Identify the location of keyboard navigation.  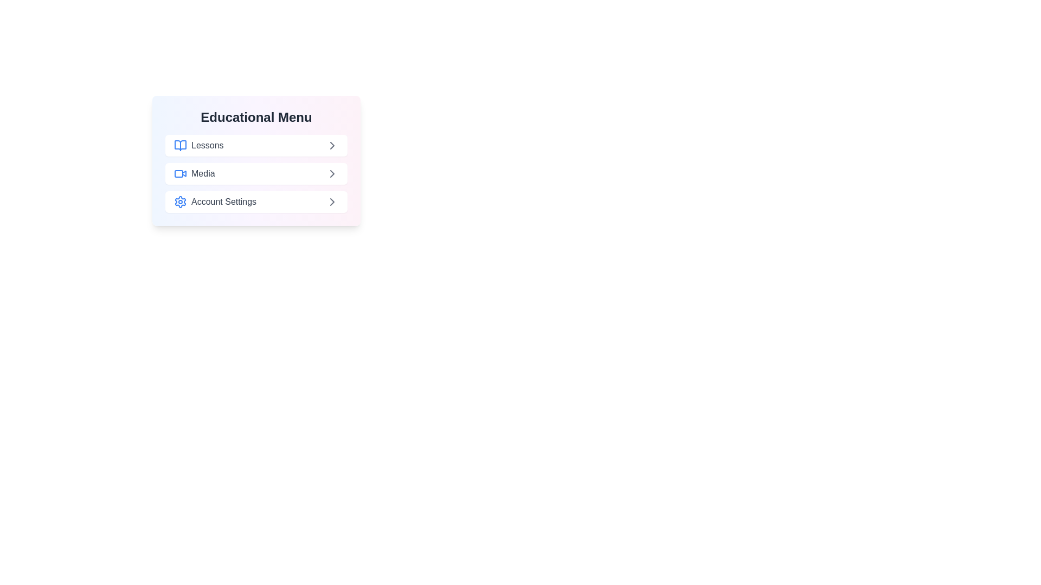
(256, 173).